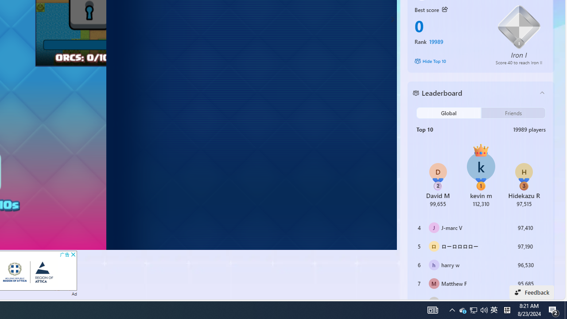 This screenshot has height=319, width=567. I want to click on 'AutomationID: cbb', so click(73, 254).